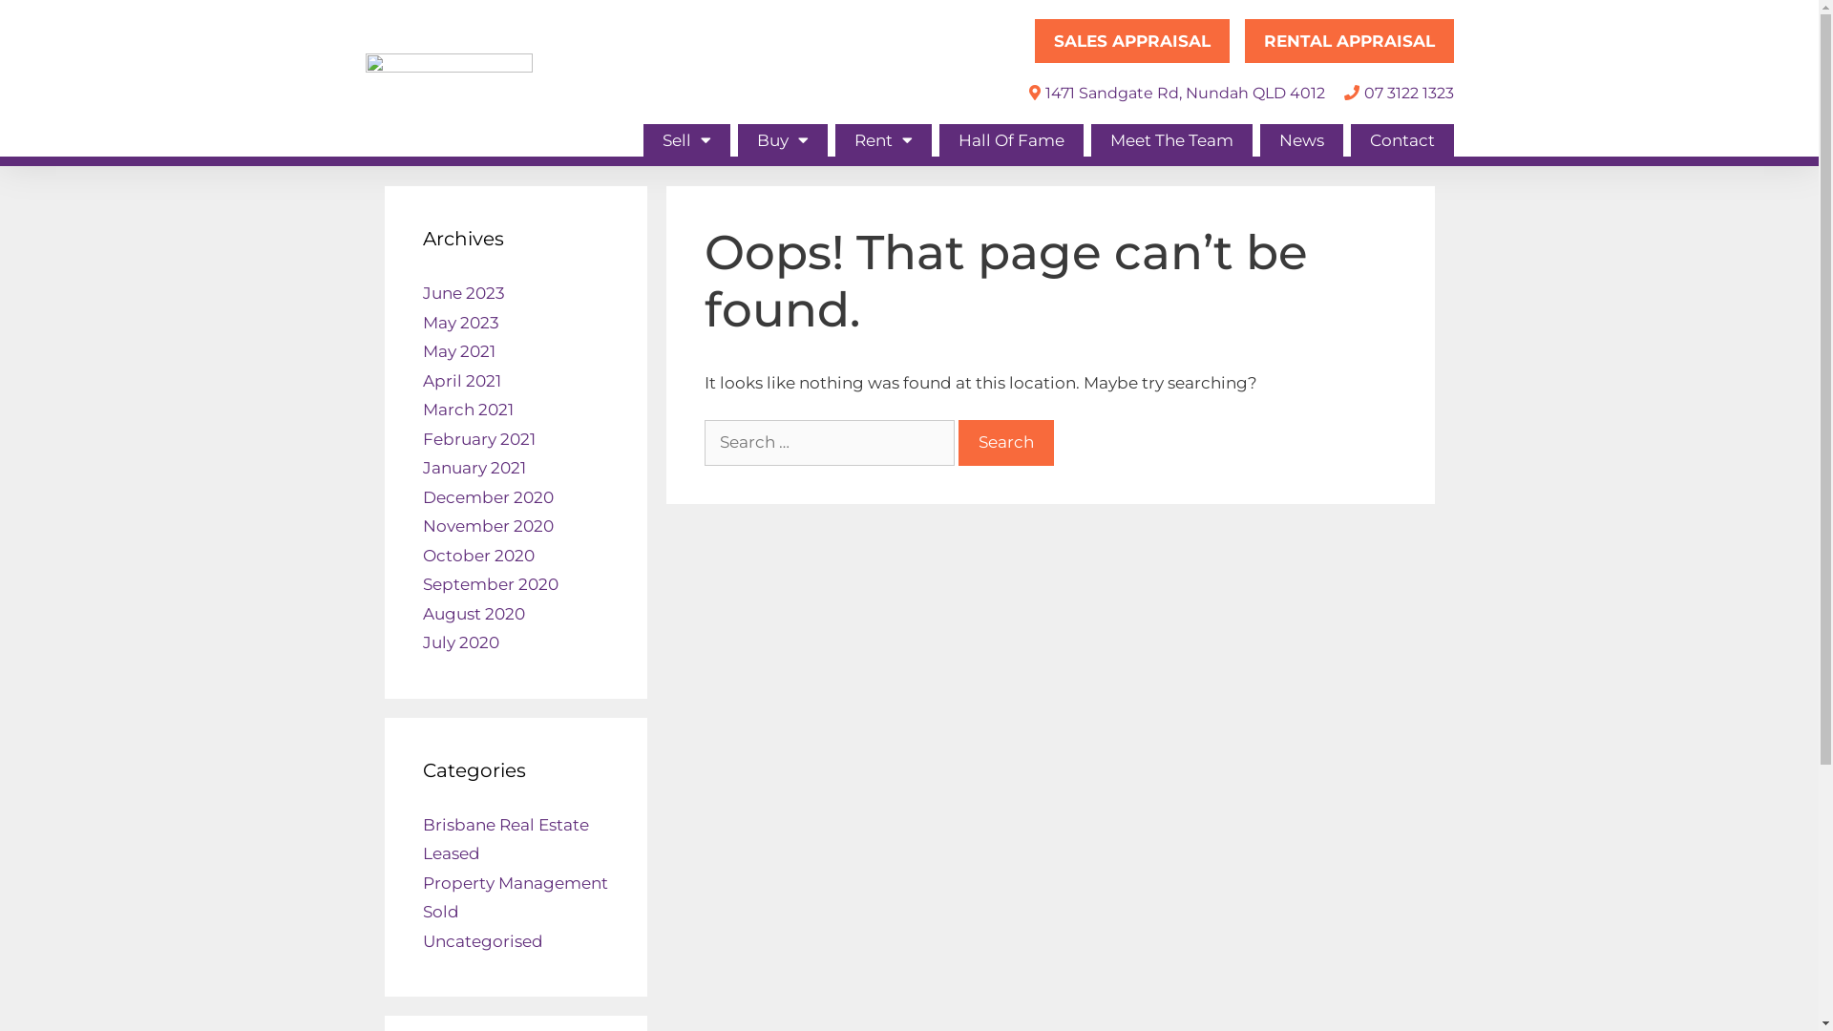 This screenshot has width=1833, height=1031. Describe the element at coordinates (462, 293) in the screenshot. I see `'June 2023'` at that location.